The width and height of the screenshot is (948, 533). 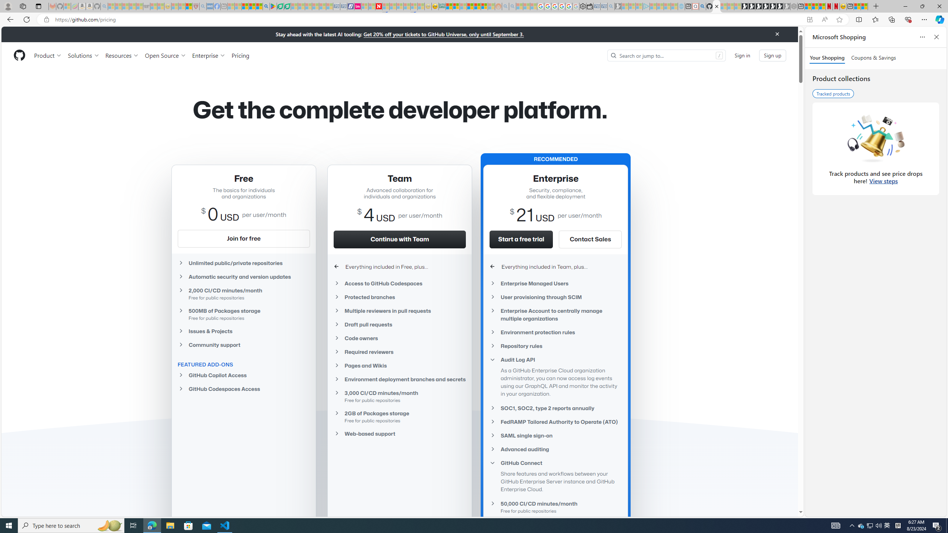 What do you see at coordinates (48, 55) in the screenshot?
I see `'Product'` at bounding box center [48, 55].